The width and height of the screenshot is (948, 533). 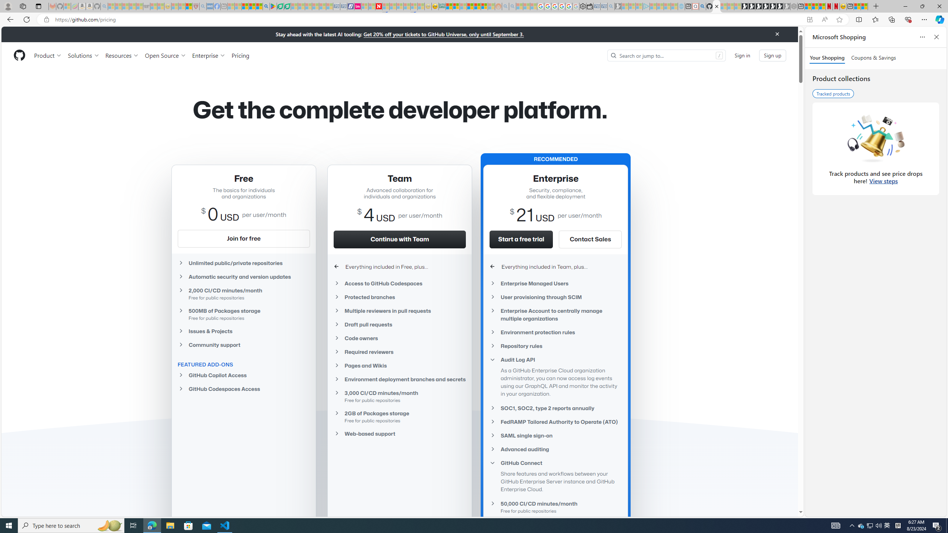 What do you see at coordinates (48, 55) in the screenshot?
I see `'Product'` at bounding box center [48, 55].